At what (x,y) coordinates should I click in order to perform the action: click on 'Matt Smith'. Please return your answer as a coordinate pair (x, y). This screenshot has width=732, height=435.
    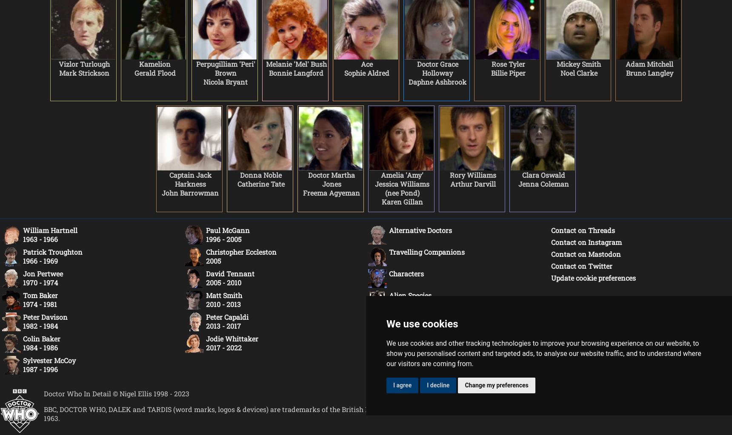
    Looking at the image, I should click on (224, 295).